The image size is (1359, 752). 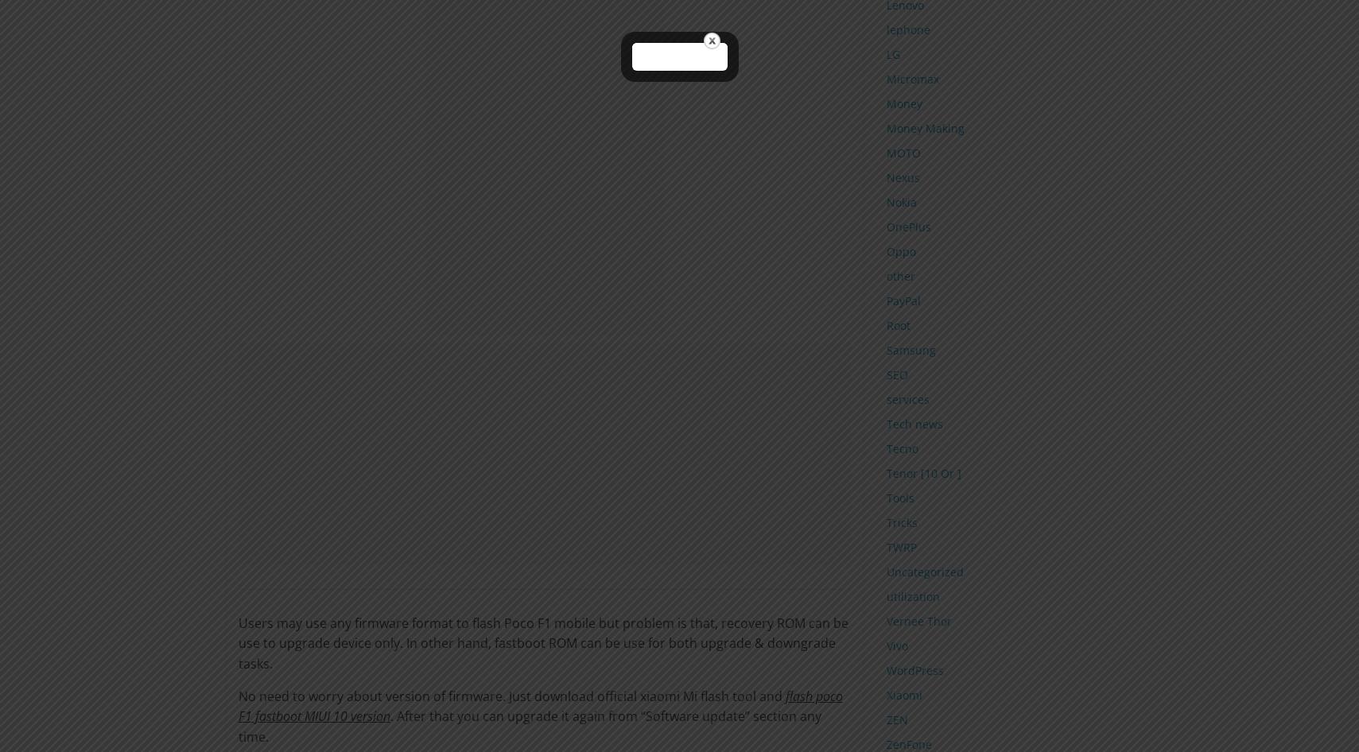 What do you see at coordinates (885, 521) in the screenshot?
I see `'Tricks'` at bounding box center [885, 521].